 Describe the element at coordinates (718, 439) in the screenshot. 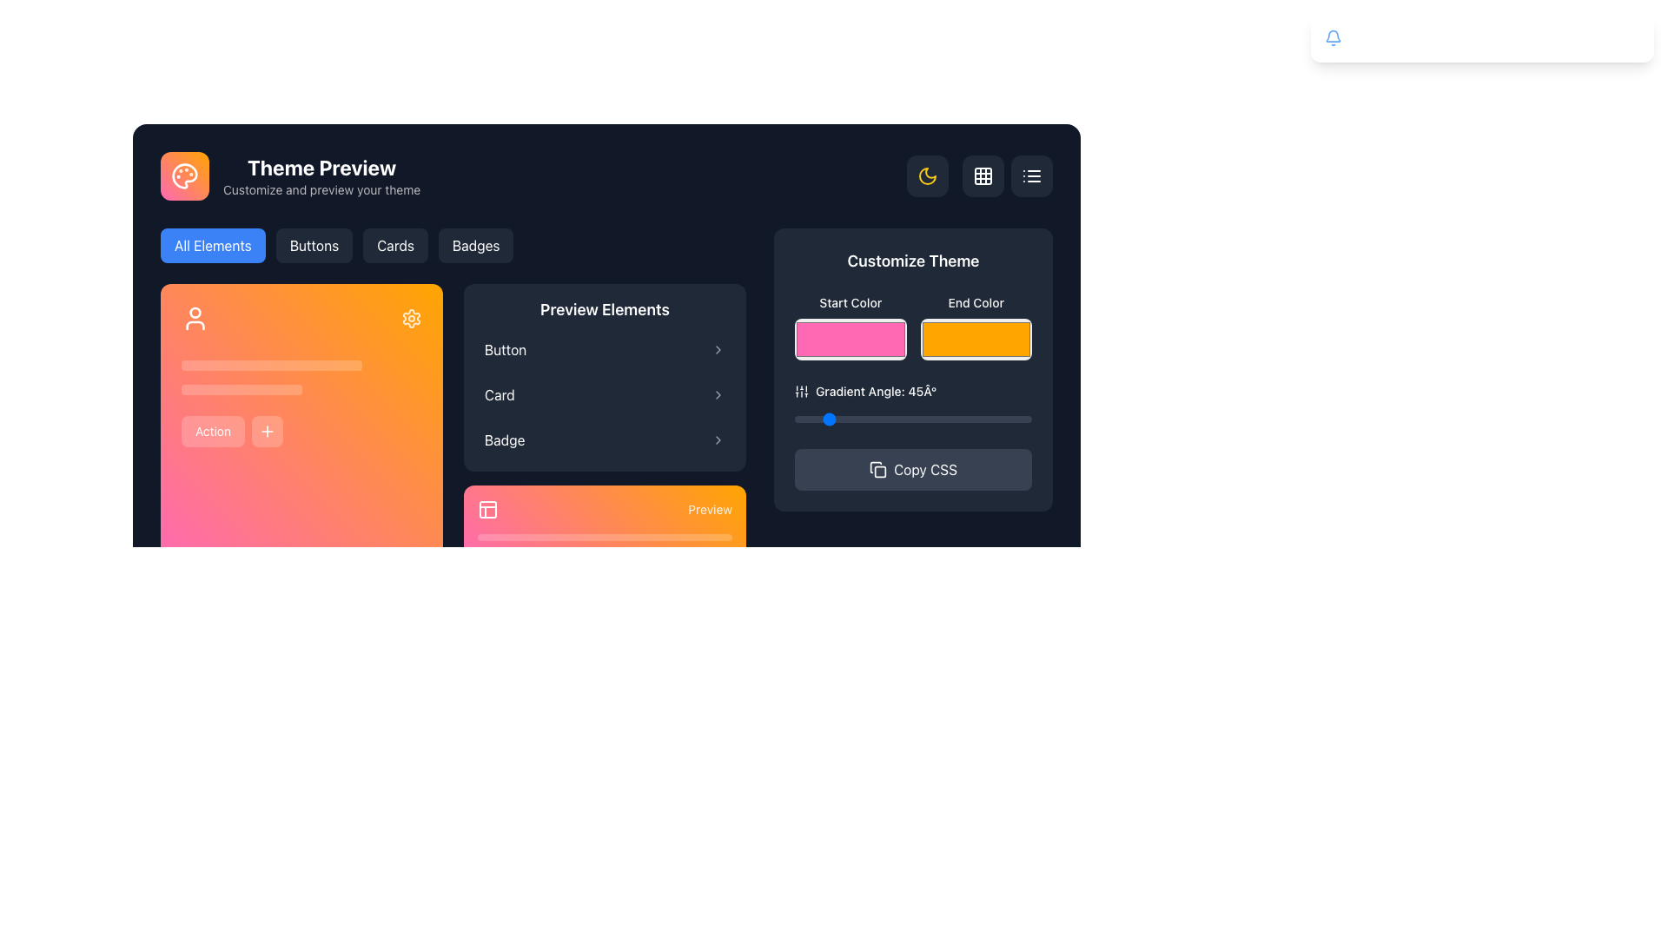

I see `the right-pointing chevron icon, which is styled as a 24x24 pixel gray SVG icon, located adjacent to the 'Badge' text label in a horizontally aligned layout` at that location.